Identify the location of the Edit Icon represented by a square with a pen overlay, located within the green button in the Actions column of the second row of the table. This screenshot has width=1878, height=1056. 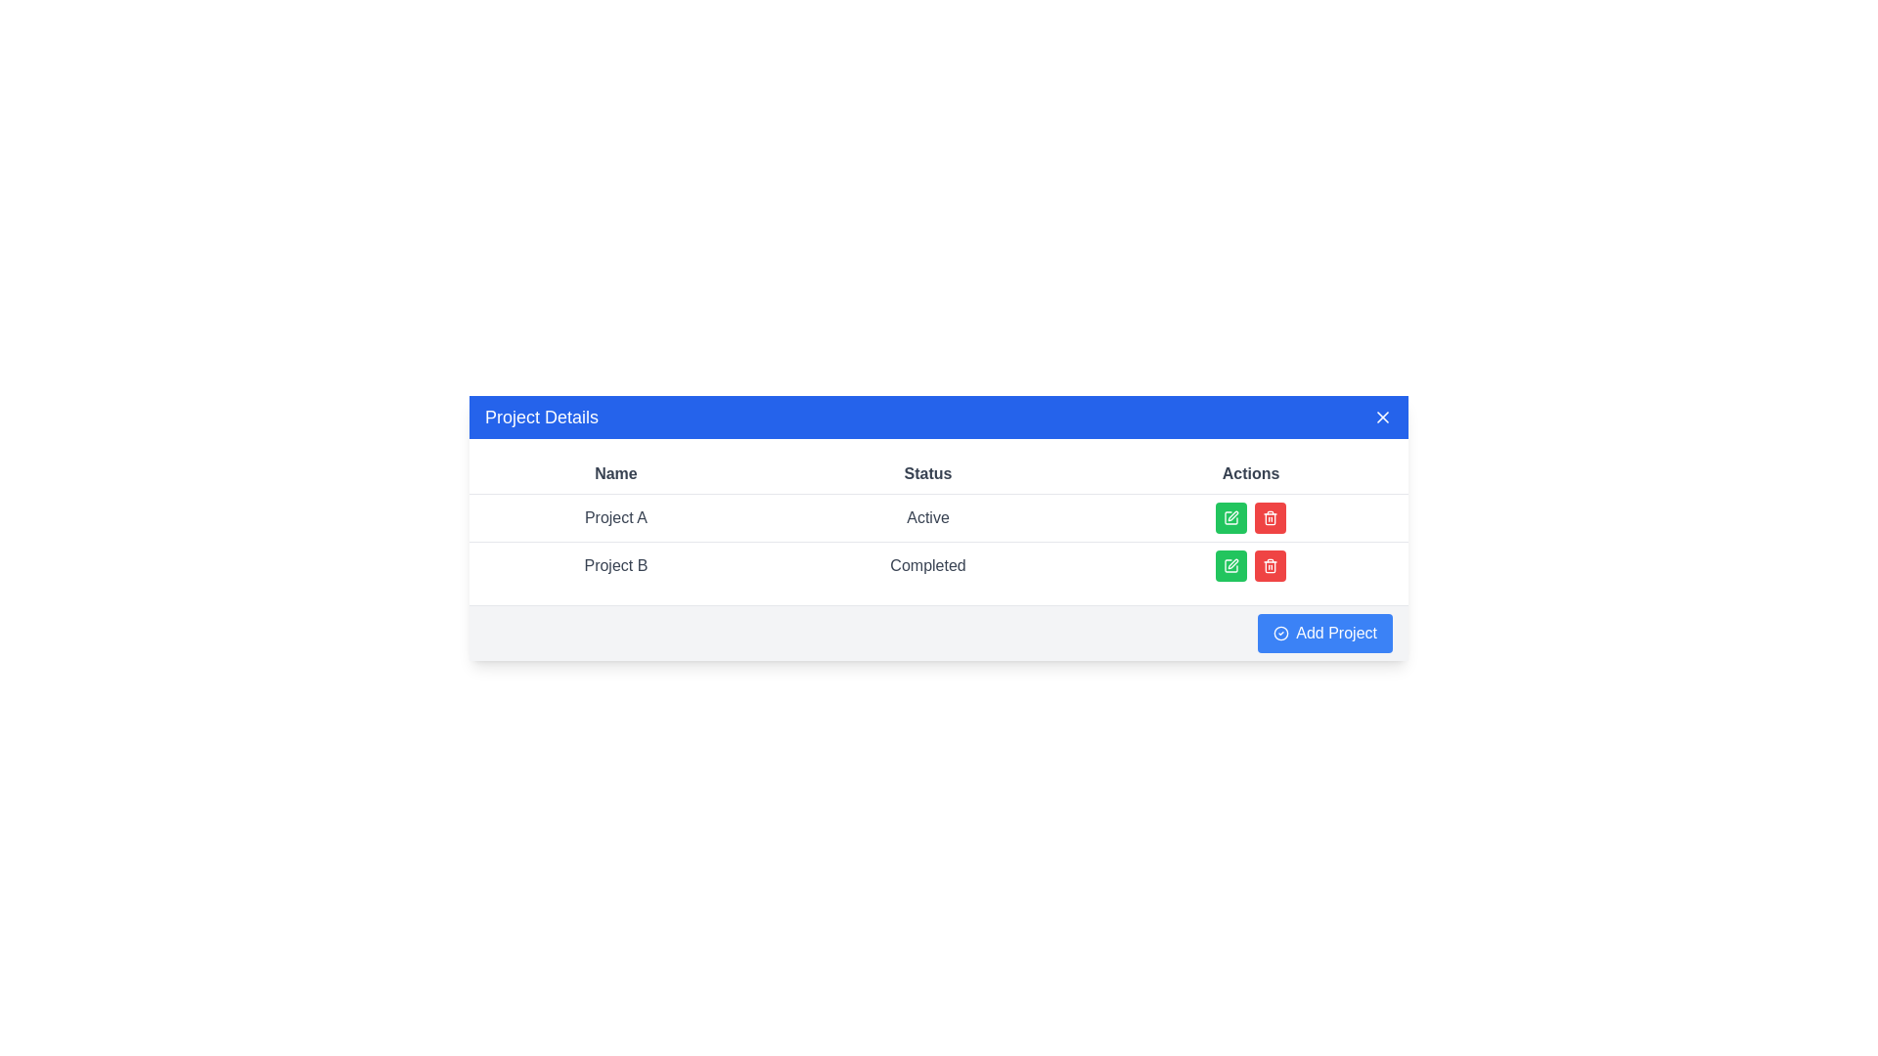
(1230, 566).